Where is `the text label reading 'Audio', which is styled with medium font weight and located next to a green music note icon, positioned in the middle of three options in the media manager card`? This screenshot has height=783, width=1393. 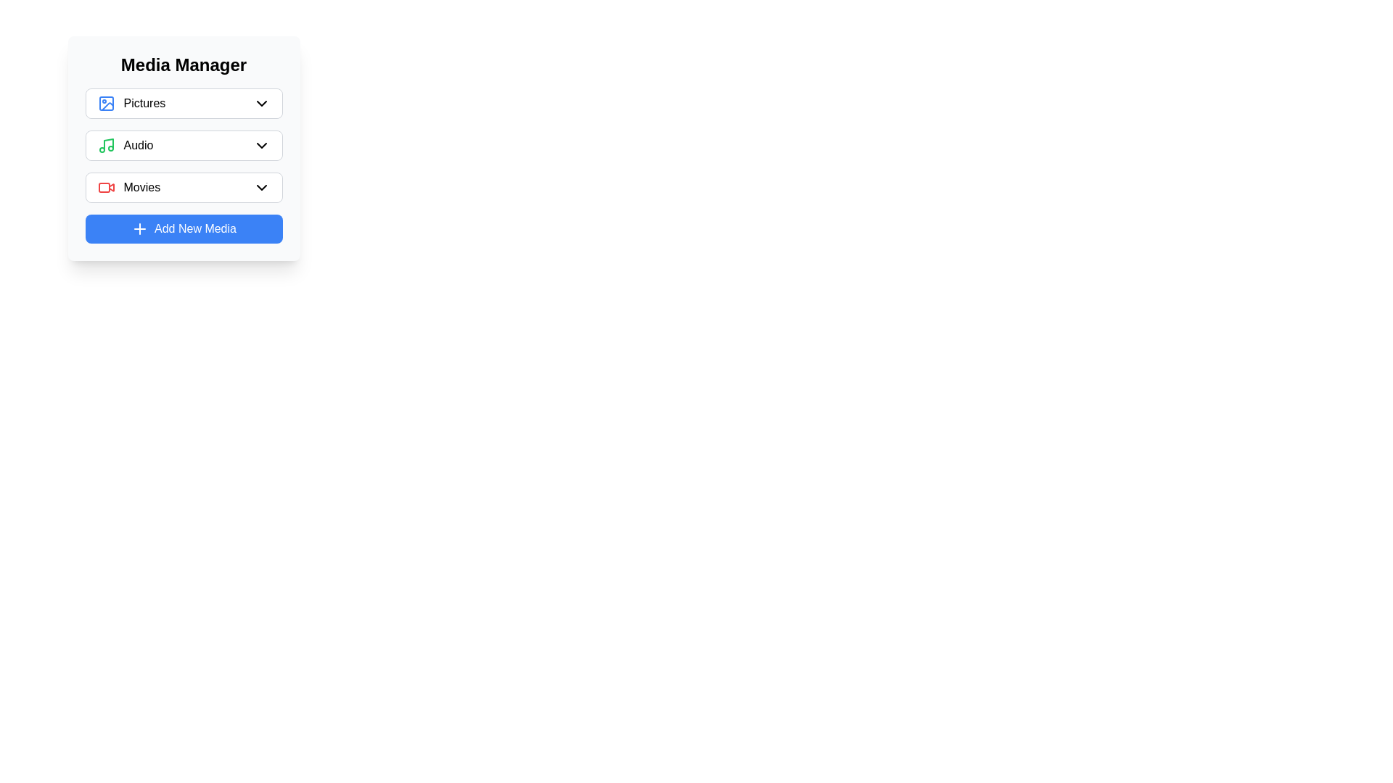 the text label reading 'Audio', which is styled with medium font weight and located next to a green music note icon, positioned in the middle of three options in the media manager card is located at coordinates (139, 145).